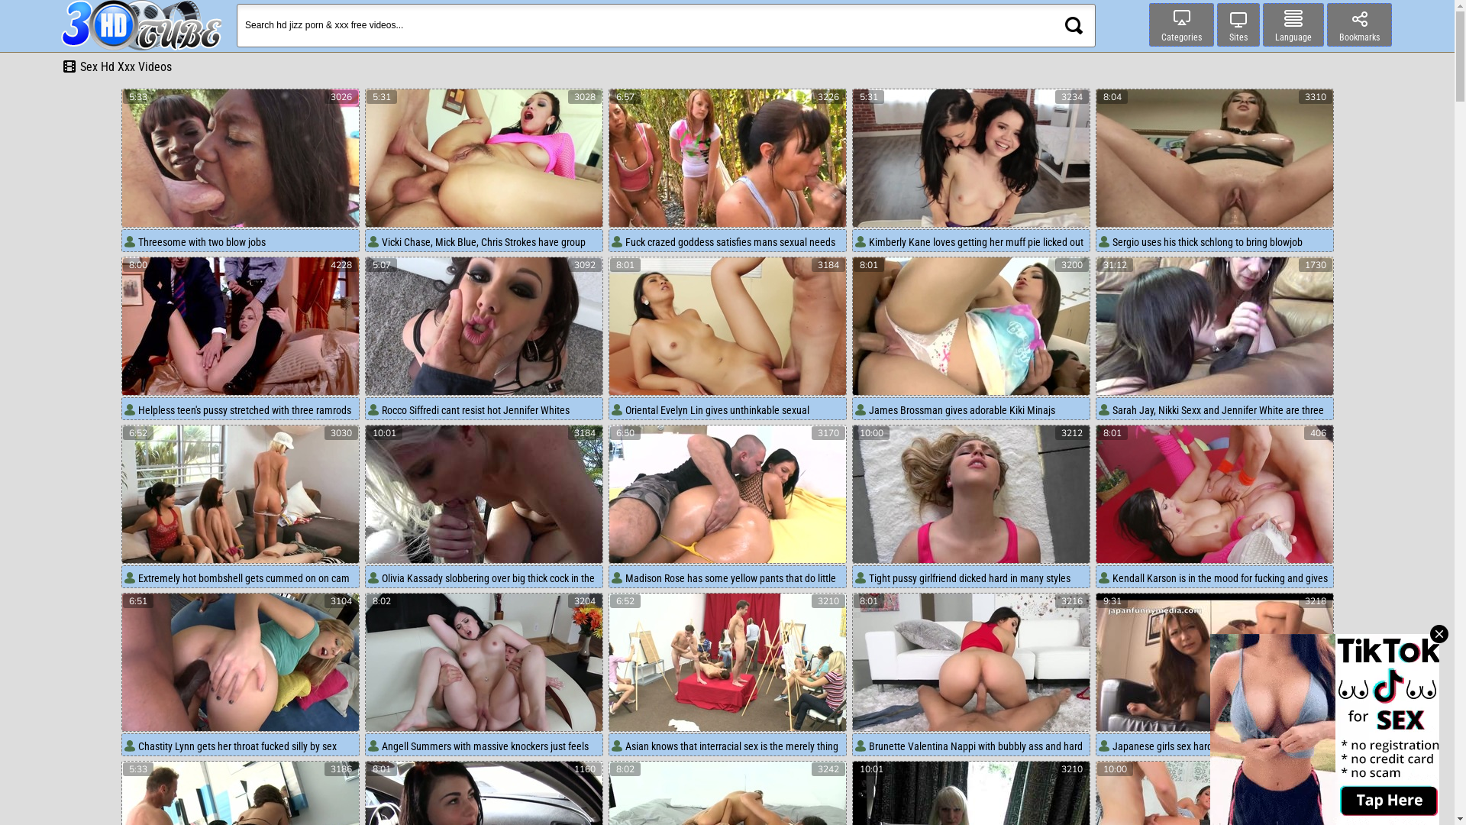 The width and height of the screenshot is (1466, 825). I want to click on 'Language', so click(1293, 24).